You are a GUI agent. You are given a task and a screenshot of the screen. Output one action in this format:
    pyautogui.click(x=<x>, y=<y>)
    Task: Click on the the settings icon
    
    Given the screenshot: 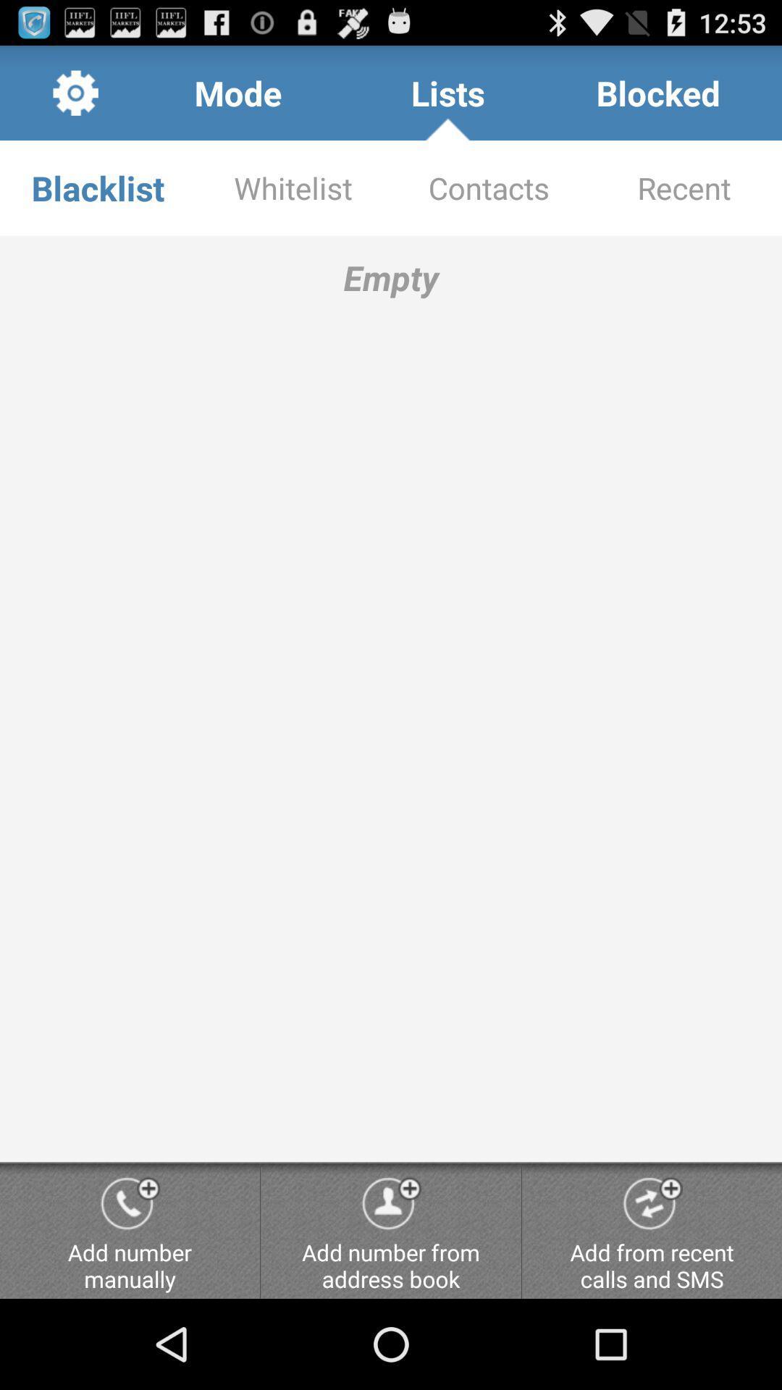 What is the action you would take?
    pyautogui.click(x=75, y=98)
    